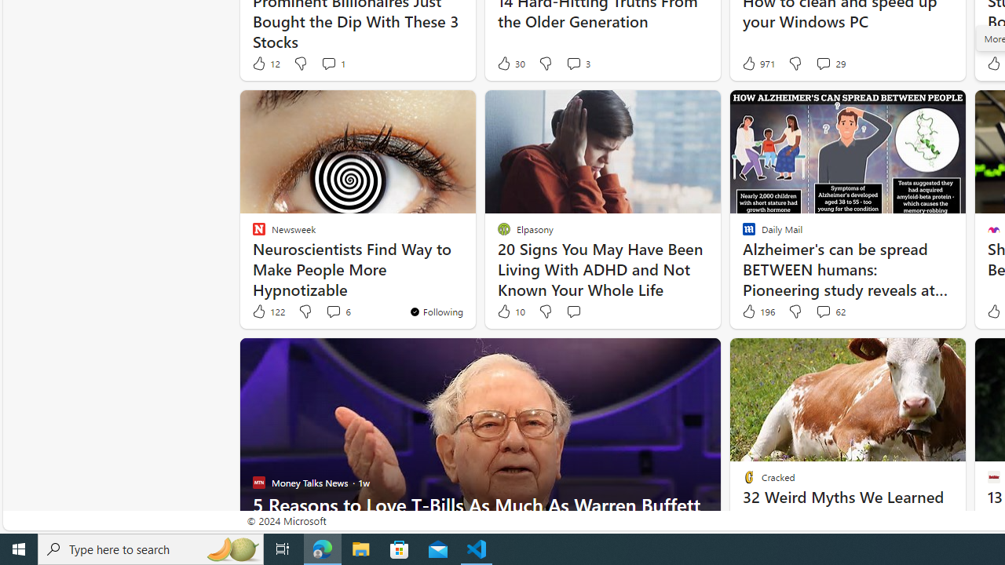 The width and height of the screenshot is (1005, 565). I want to click on 'View comments 62 Comment', so click(829, 312).